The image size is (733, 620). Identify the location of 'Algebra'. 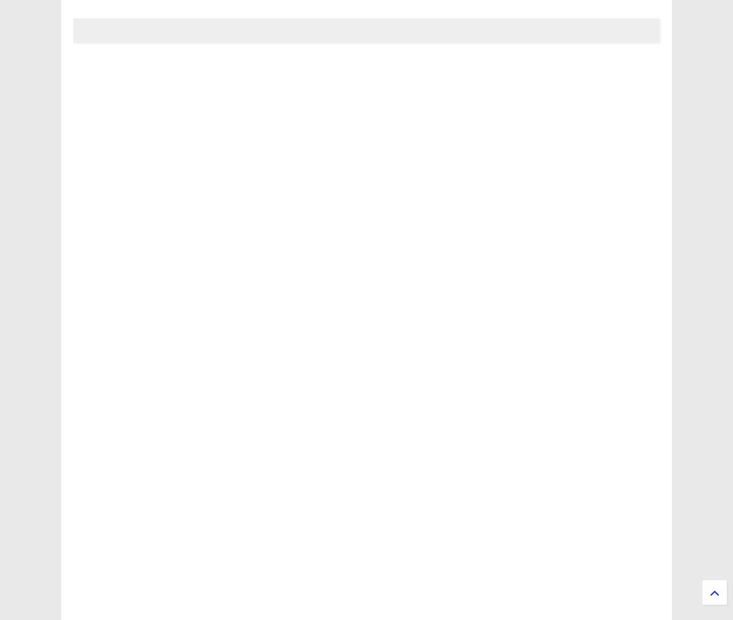
(109, 548).